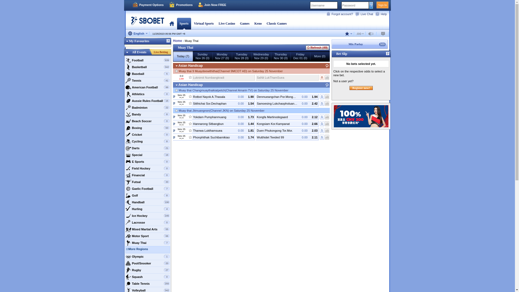  What do you see at coordinates (276, 23) in the screenshot?
I see `'Classic Games'` at bounding box center [276, 23].